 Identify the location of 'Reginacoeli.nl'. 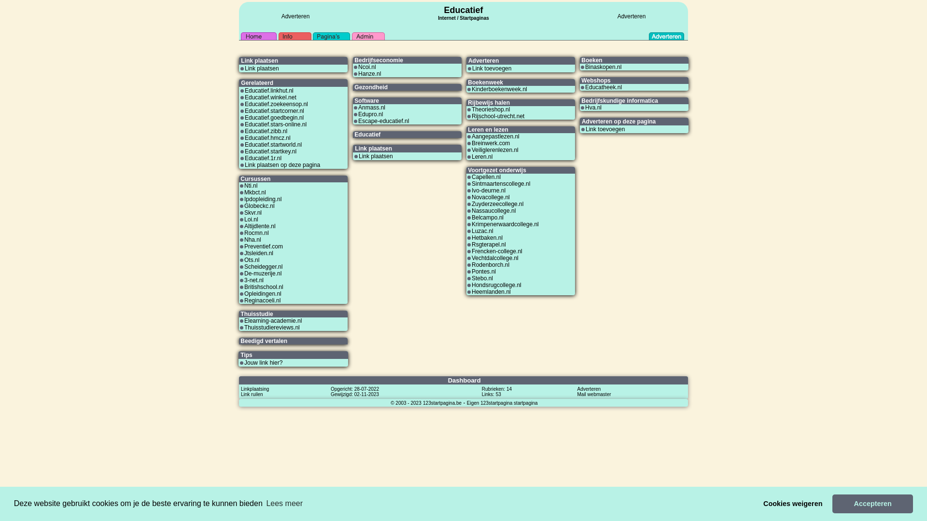
(262, 300).